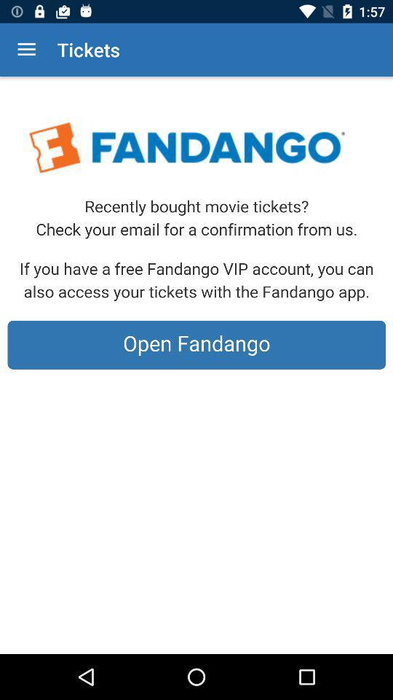 This screenshot has height=700, width=393. Describe the element at coordinates (196, 365) in the screenshot. I see `open app` at that location.